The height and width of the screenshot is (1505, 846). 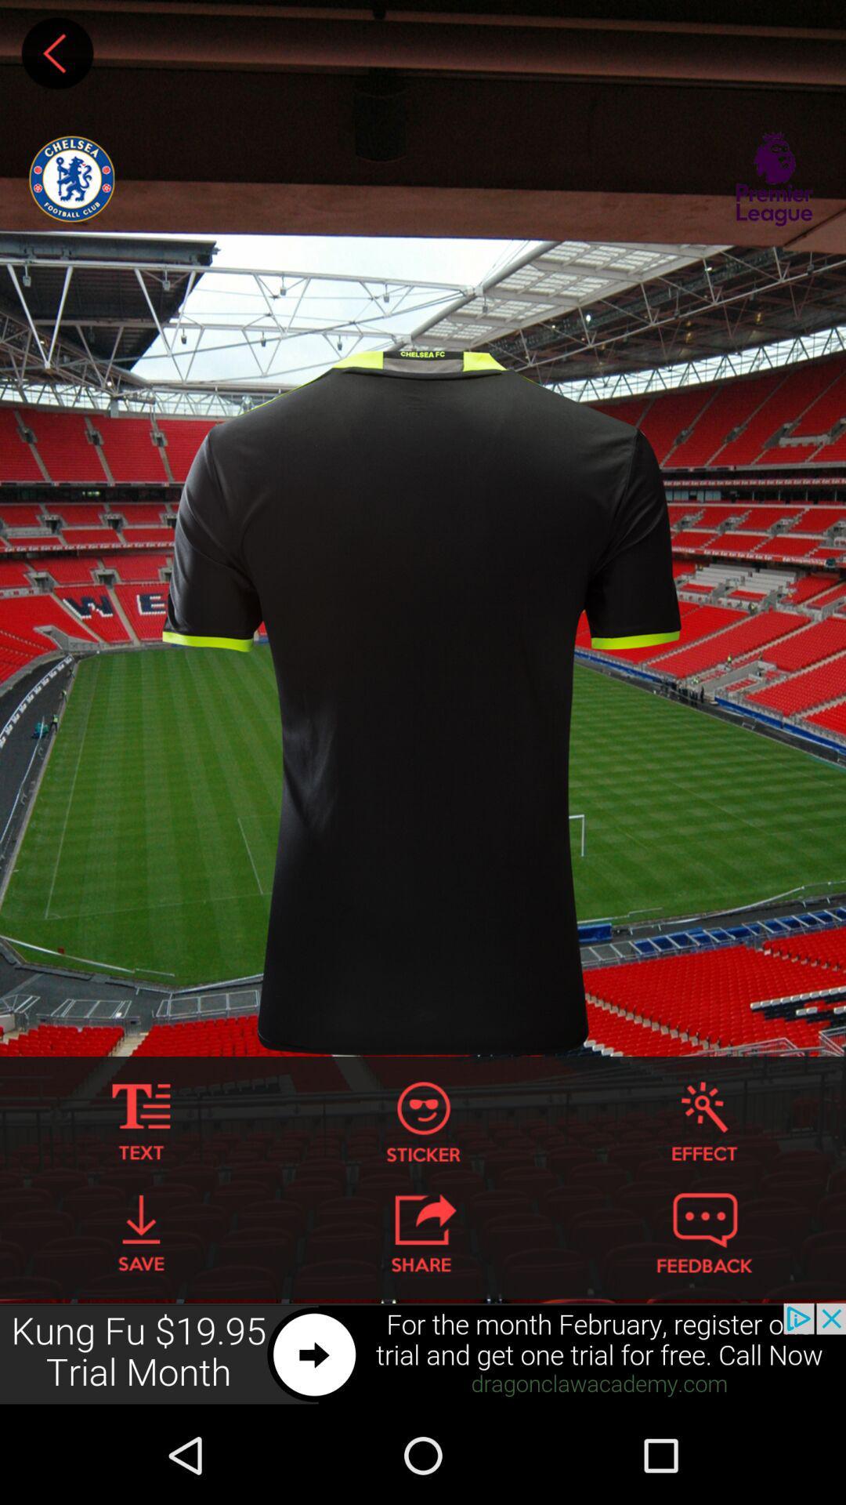 I want to click on share the feedback, so click(x=703, y=1232).